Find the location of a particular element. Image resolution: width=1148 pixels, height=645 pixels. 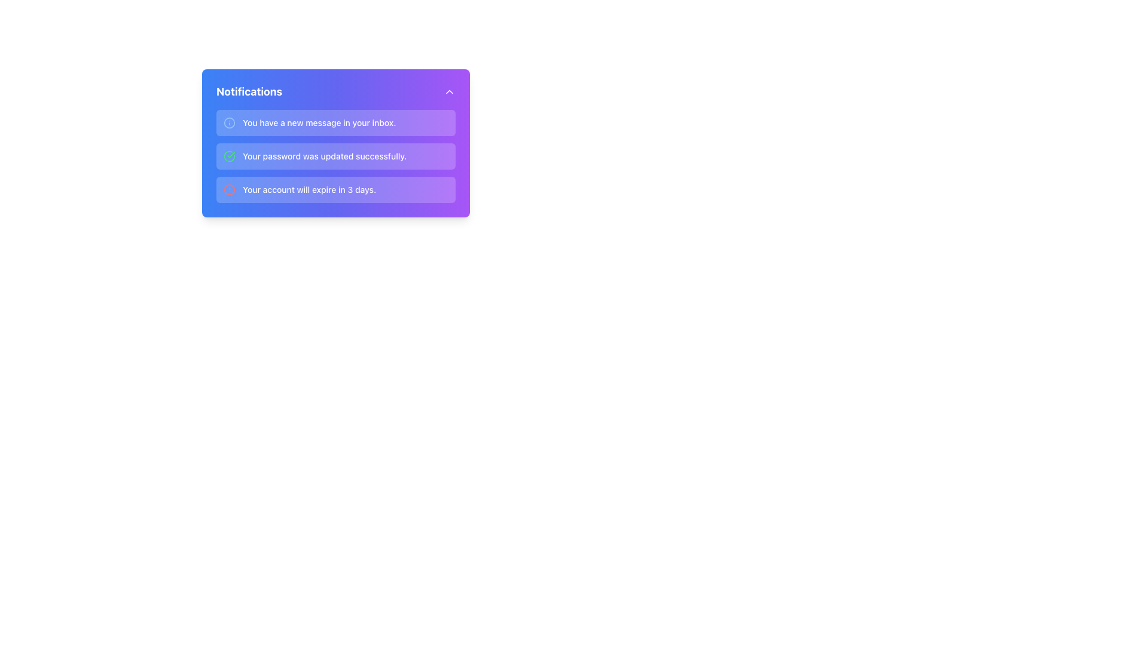

warning message from the third notification bar, which contains the text 'Your account will expire in 3 days.' is located at coordinates (335, 189).